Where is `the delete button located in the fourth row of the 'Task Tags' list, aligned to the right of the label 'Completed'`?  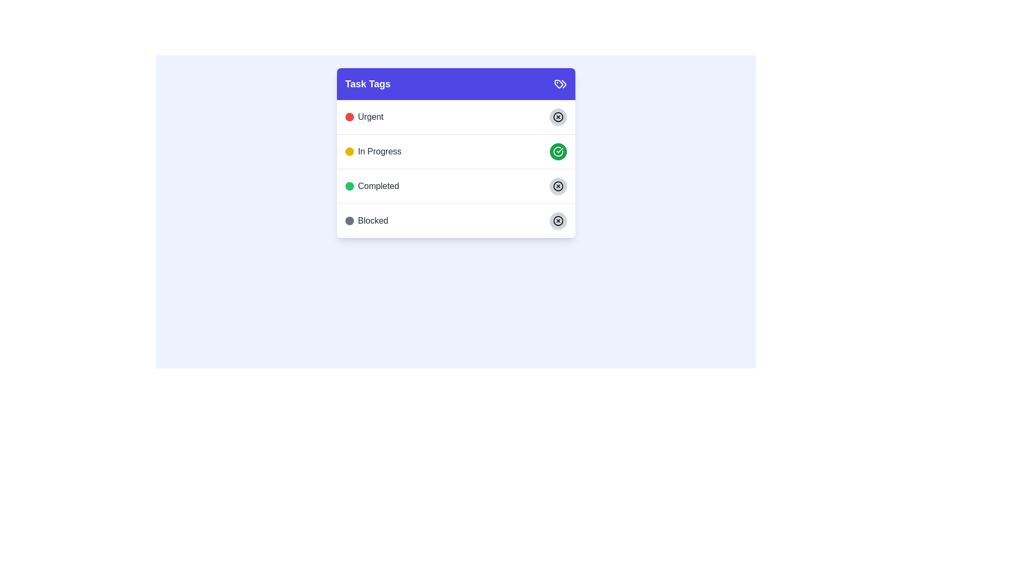
the delete button located in the fourth row of the 'Task Tags' list, aligned to the right of the label 'Completed' is located at coordinates (557, 186).